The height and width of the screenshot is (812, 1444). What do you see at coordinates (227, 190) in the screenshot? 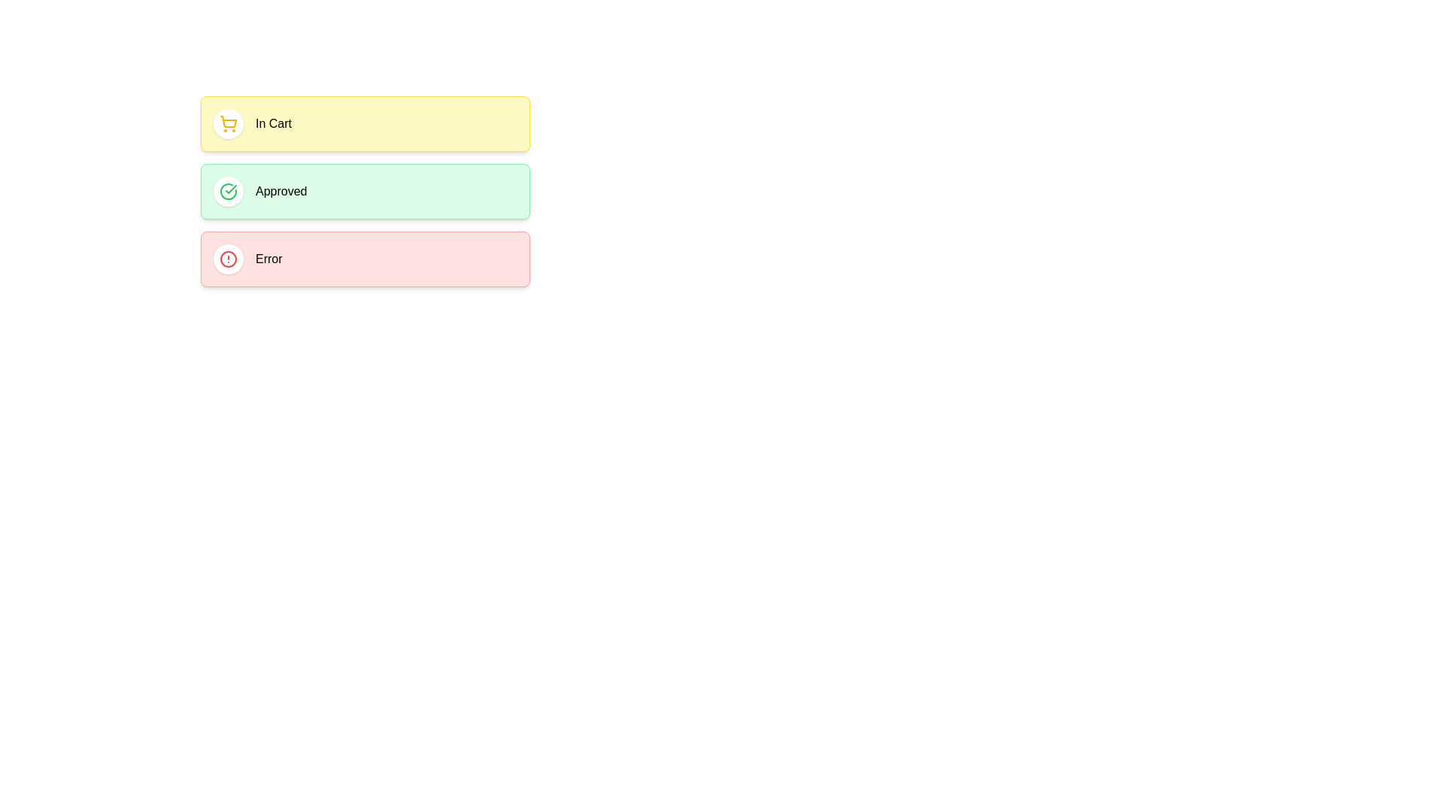
I see `the 'Approved' status indicator icon, which is a green checkmark located to the left of the label 'Approved'` at bounding box center [227, 190].